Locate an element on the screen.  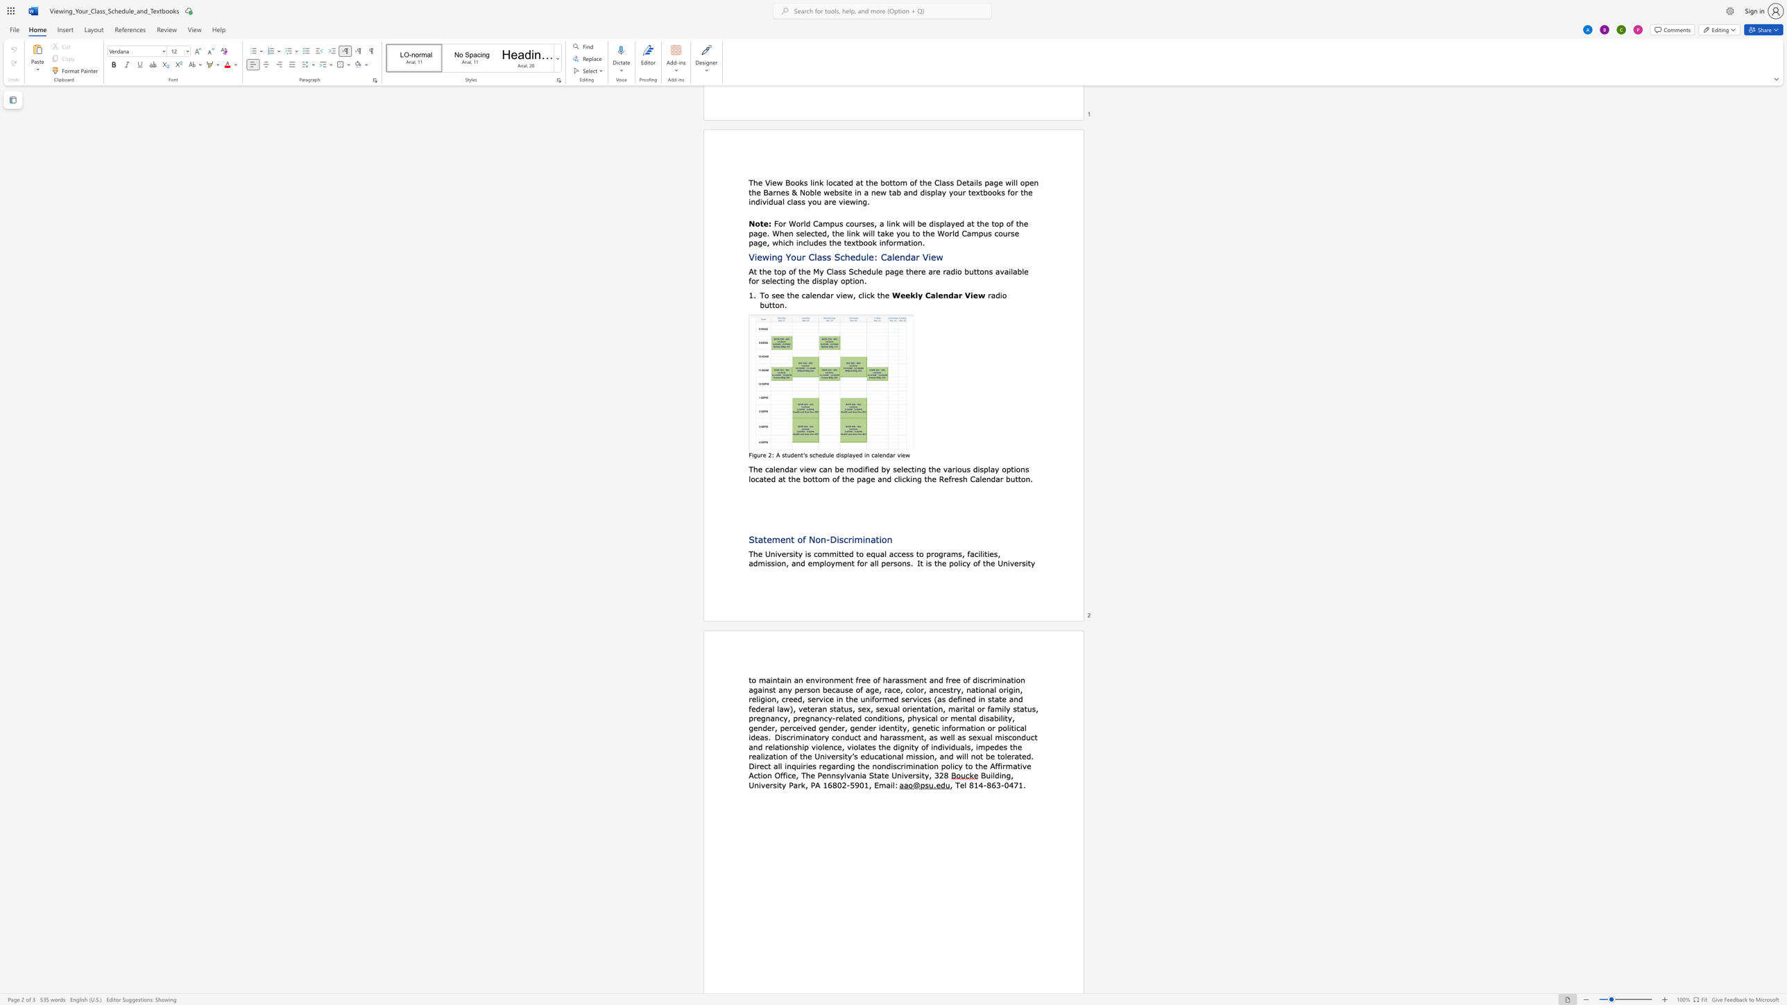
the 1th character "u" in the text is located at coordinates (931, 784).